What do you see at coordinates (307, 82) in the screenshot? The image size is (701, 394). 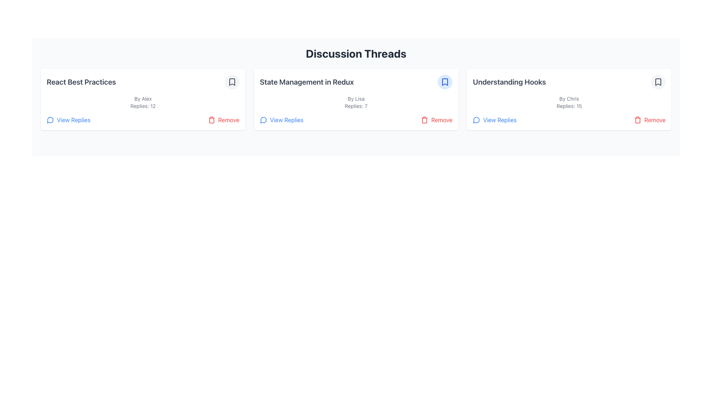 I see `the text component displaying the title 'State Management in Redux' which is prominently positioned in the middle discussion thread card, above the text 'By Lisa Replies: 7'` at bounding box center [307, 82].